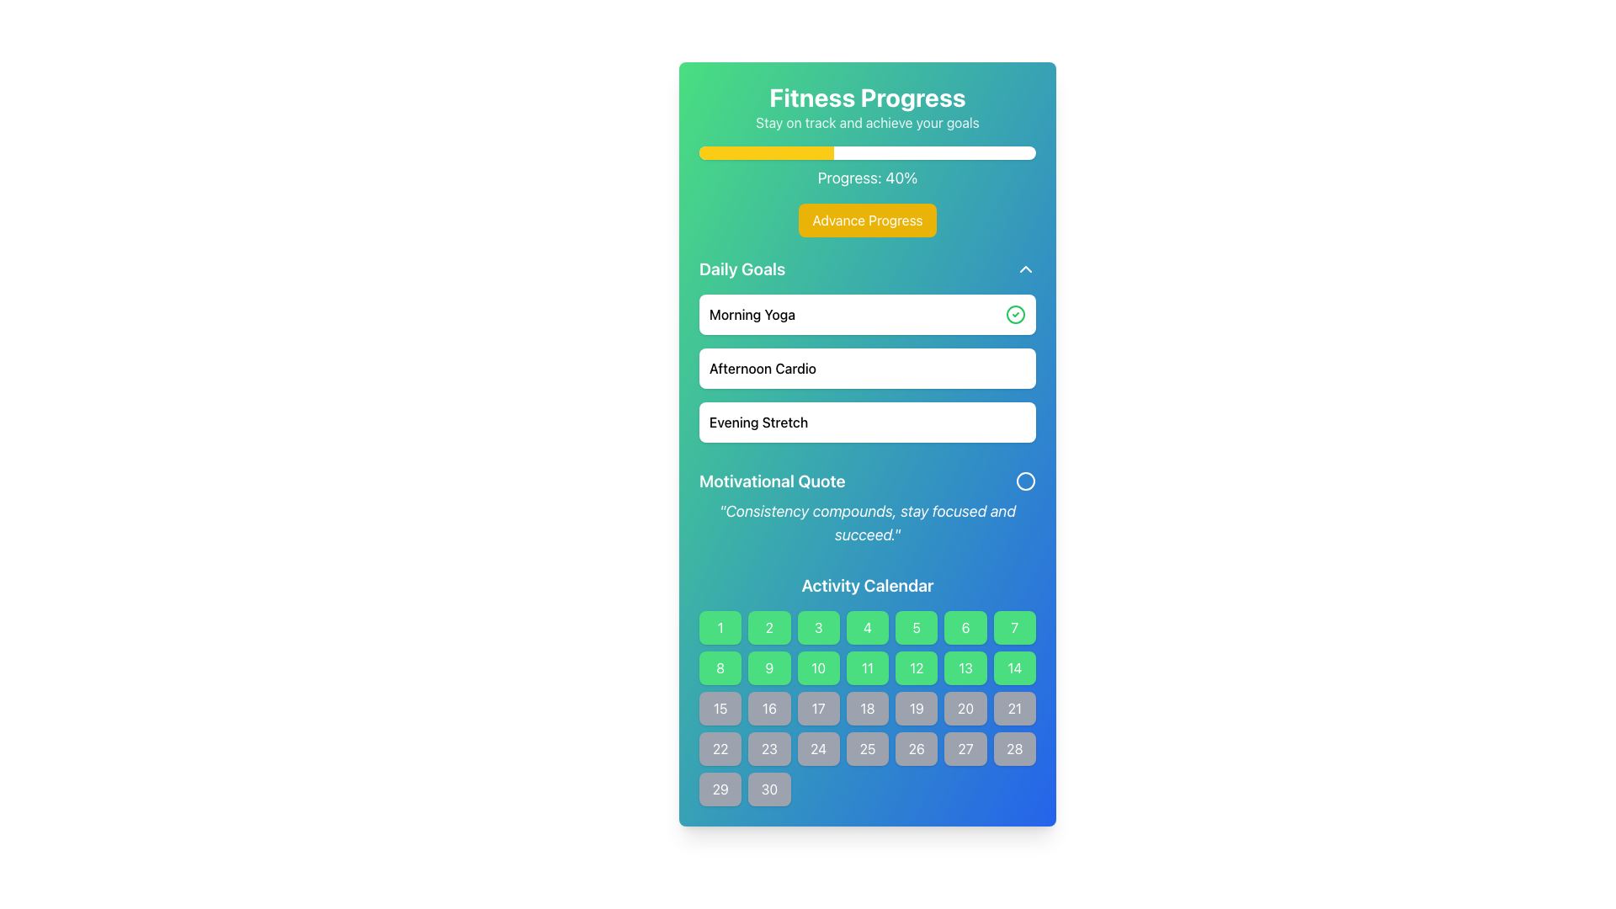 The width and height of the screenshot is (1616, 909). What do you see at coordinates (1013, 627) in the screenshot?
I see `the square-shaped button with a green background and white text displaying '7', located in the 'Activity Calendar' grid layout` at bounding box center [1013, 627].